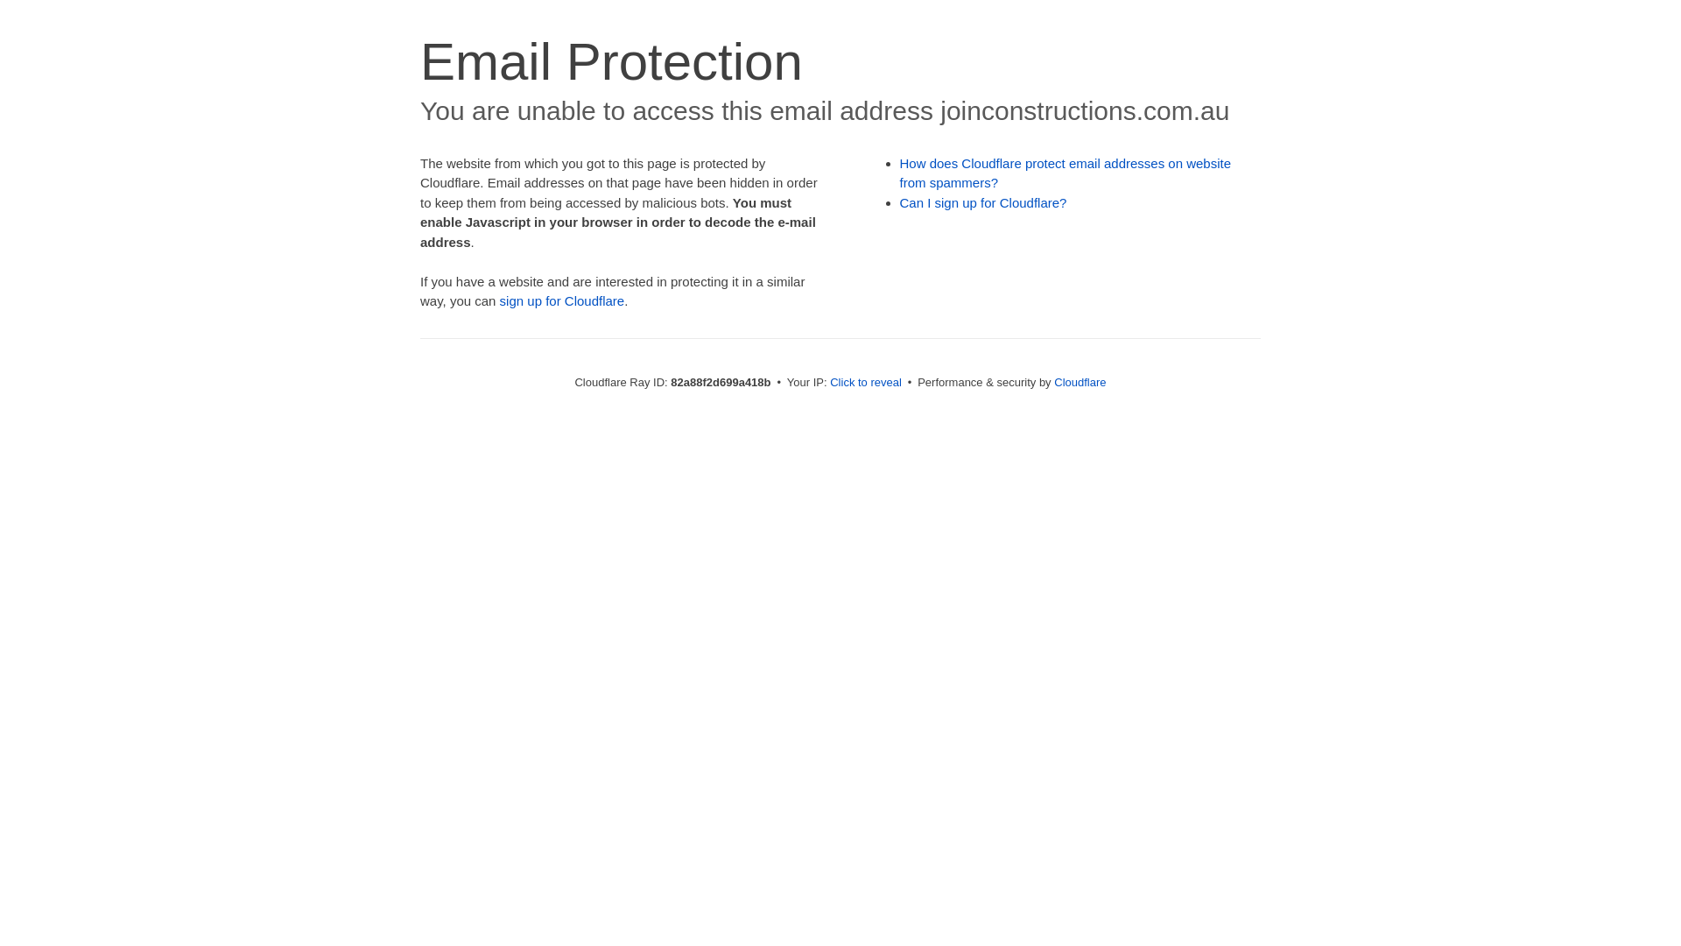 The height and width of the screenshot is (946, 1681). I want to click on 'Cloudflare', so click(1079, 381).